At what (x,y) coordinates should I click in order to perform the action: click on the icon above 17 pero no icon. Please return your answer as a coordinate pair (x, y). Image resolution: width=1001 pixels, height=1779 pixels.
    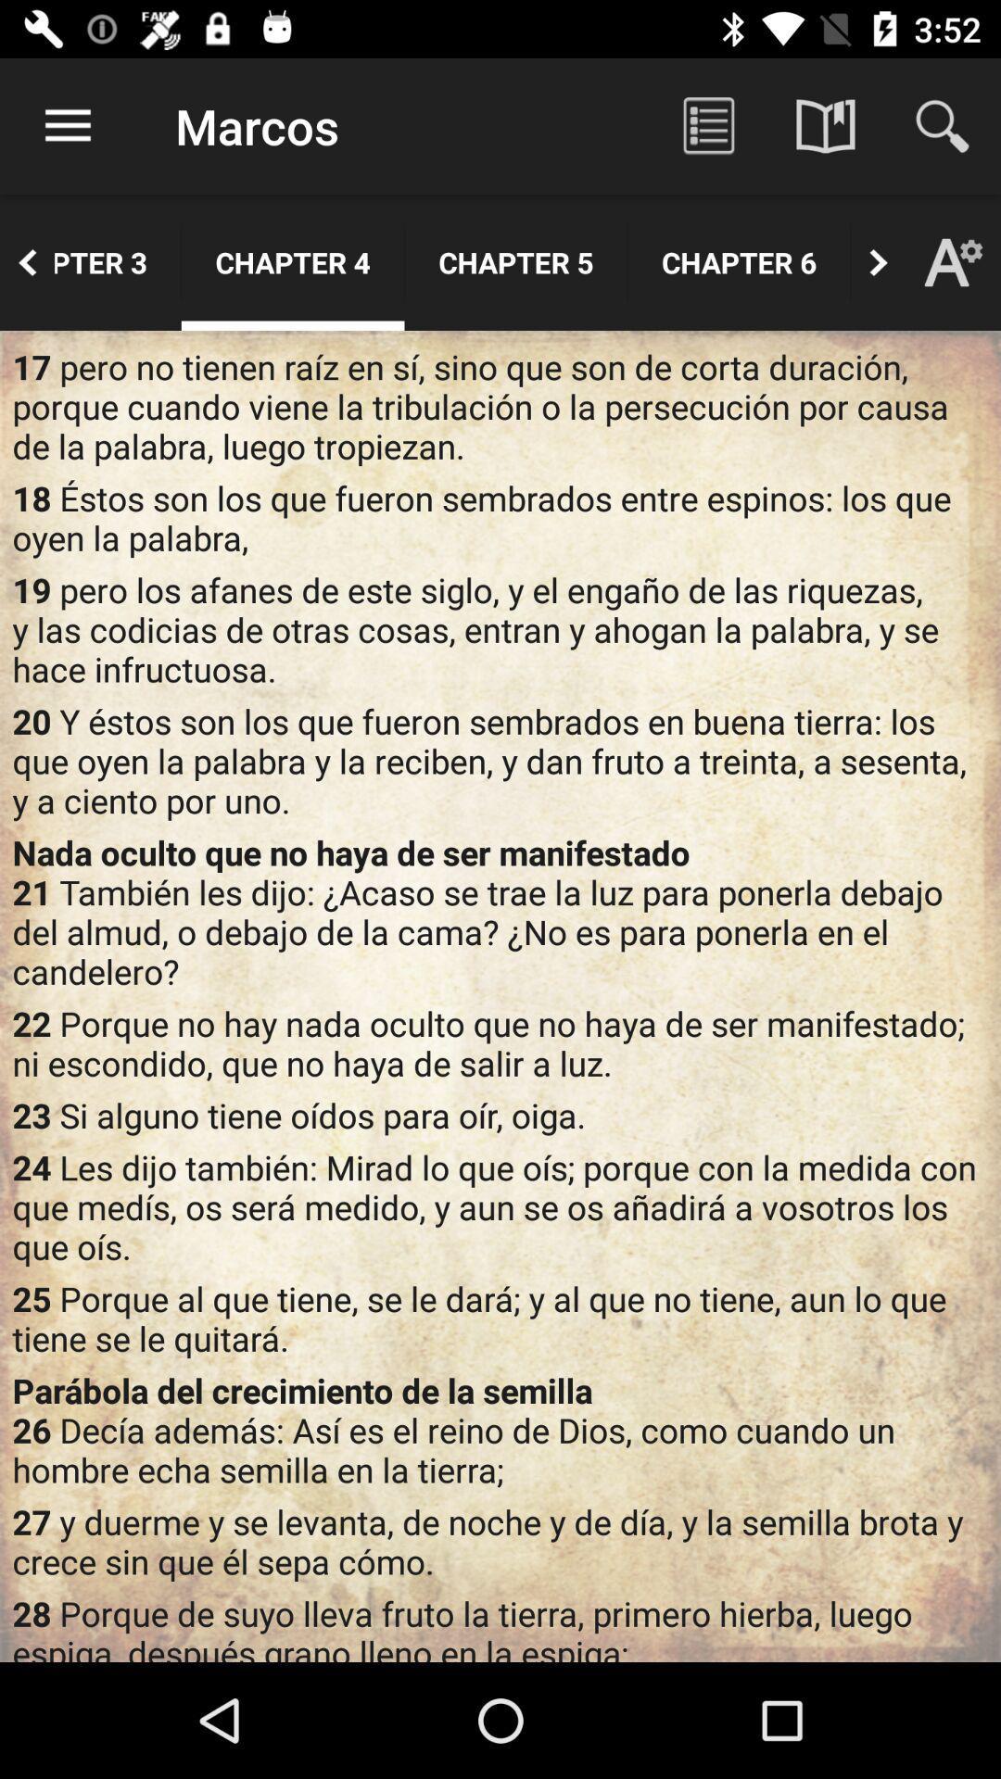
    Looking at the image, I should click on (27, 261).